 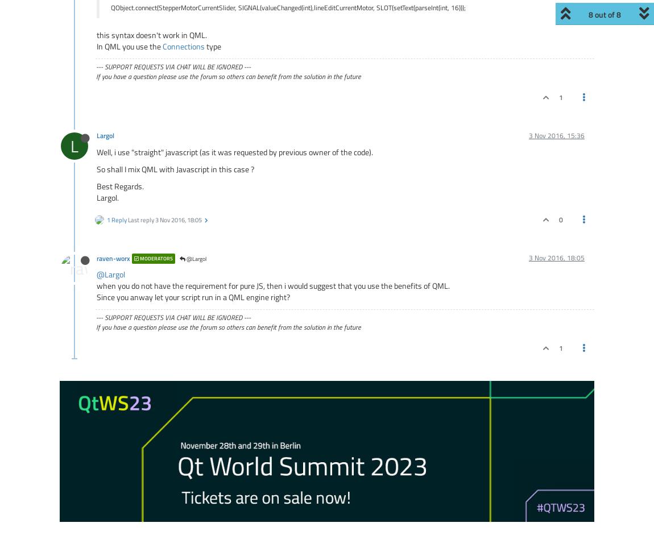 I want to click on 'Largol.', so click(x=107, y=196).